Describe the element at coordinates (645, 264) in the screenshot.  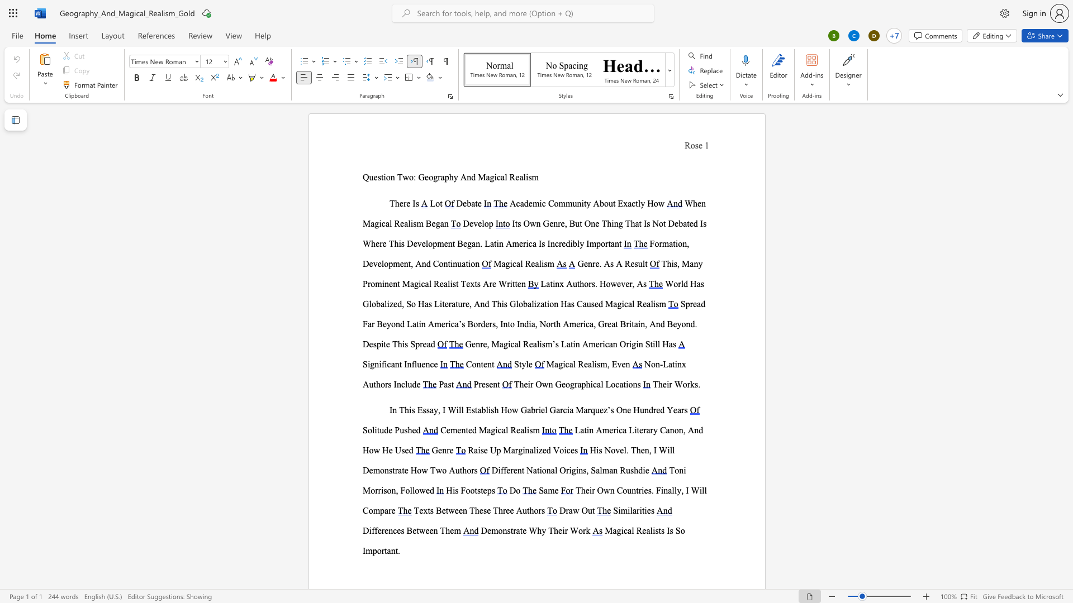
I see `the space between the continuous character "l" and "t" in the text` at that location.